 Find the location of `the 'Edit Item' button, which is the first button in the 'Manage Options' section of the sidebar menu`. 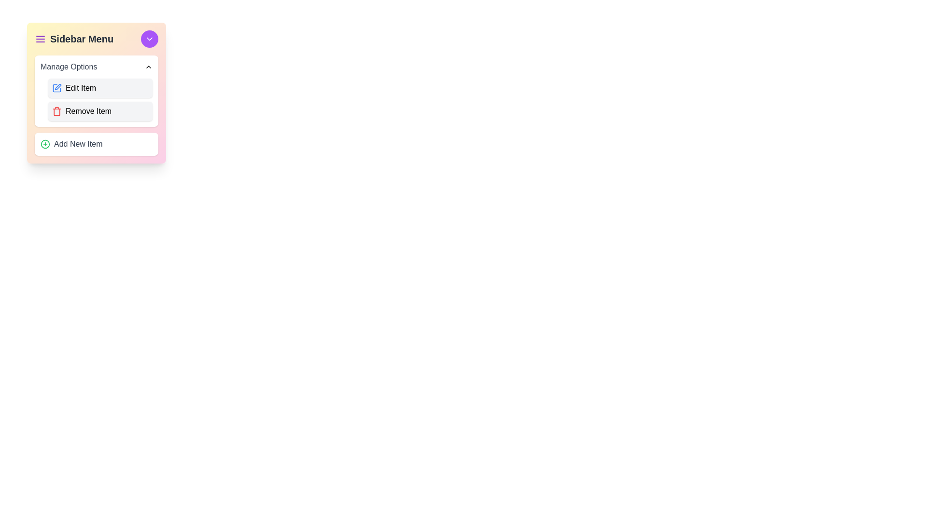

the 'Edit Item' button, which is the first button in the 'Manage Options' section of the sidebar menu is located at coordinates (97, 93).